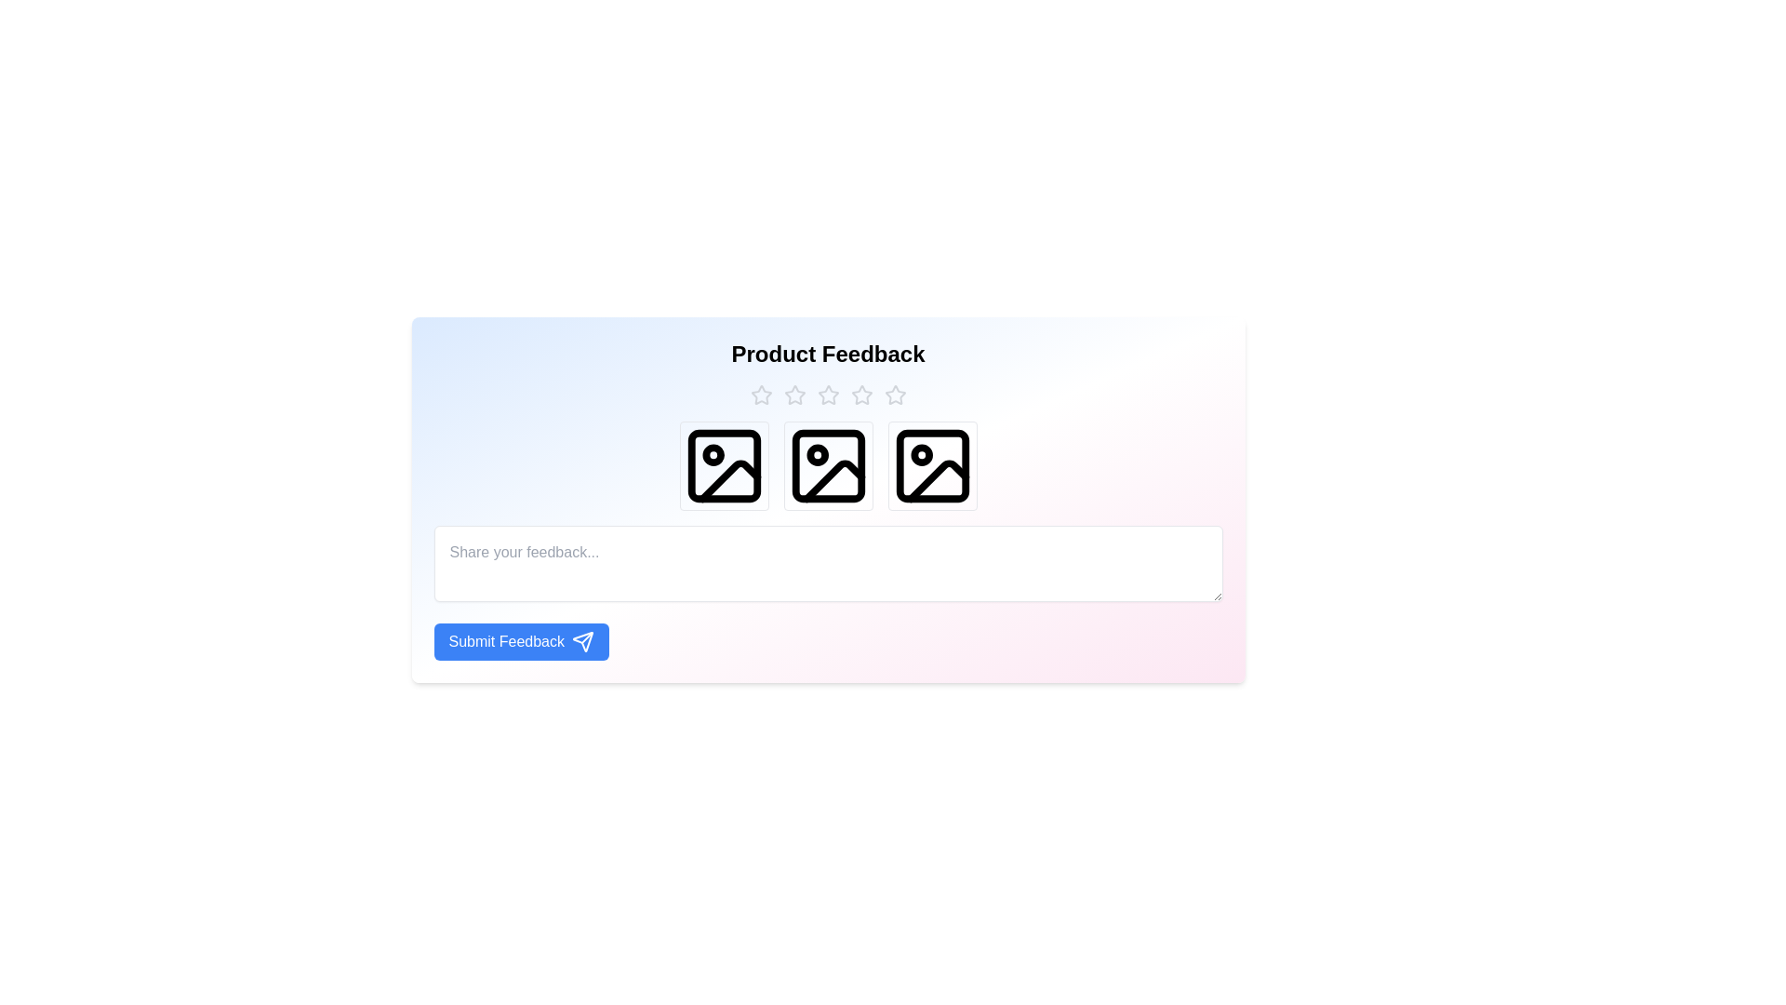 This screenshot has height=1005, width=1786. What do you see at coordinates (521, 641) in the screenshot?
I see `the 'Submit Feedback' button to submit the feedback` at bounding box center [521, 641].